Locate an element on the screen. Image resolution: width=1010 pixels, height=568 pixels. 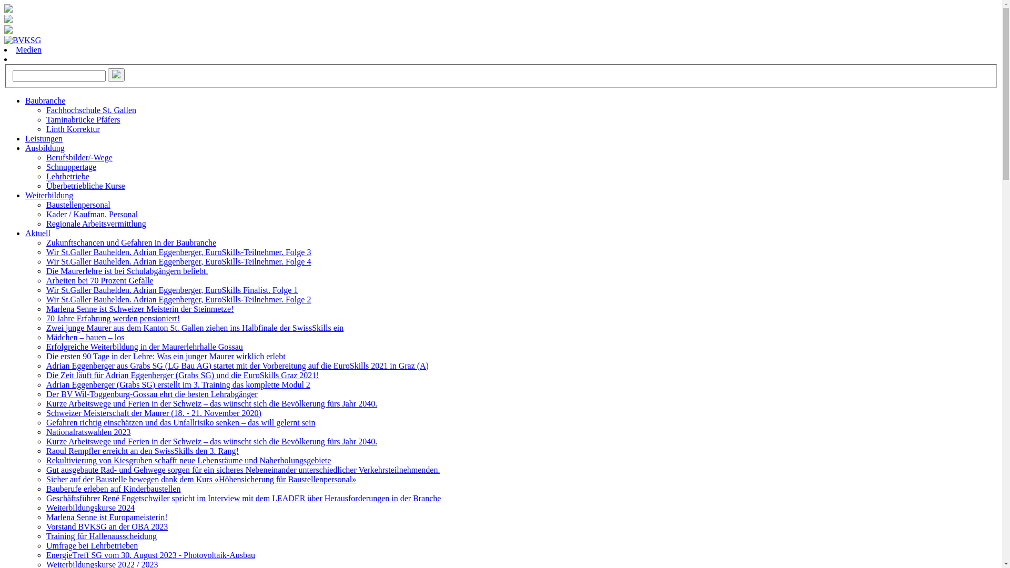
'Baubranche' is located at coordinates (45, 100).